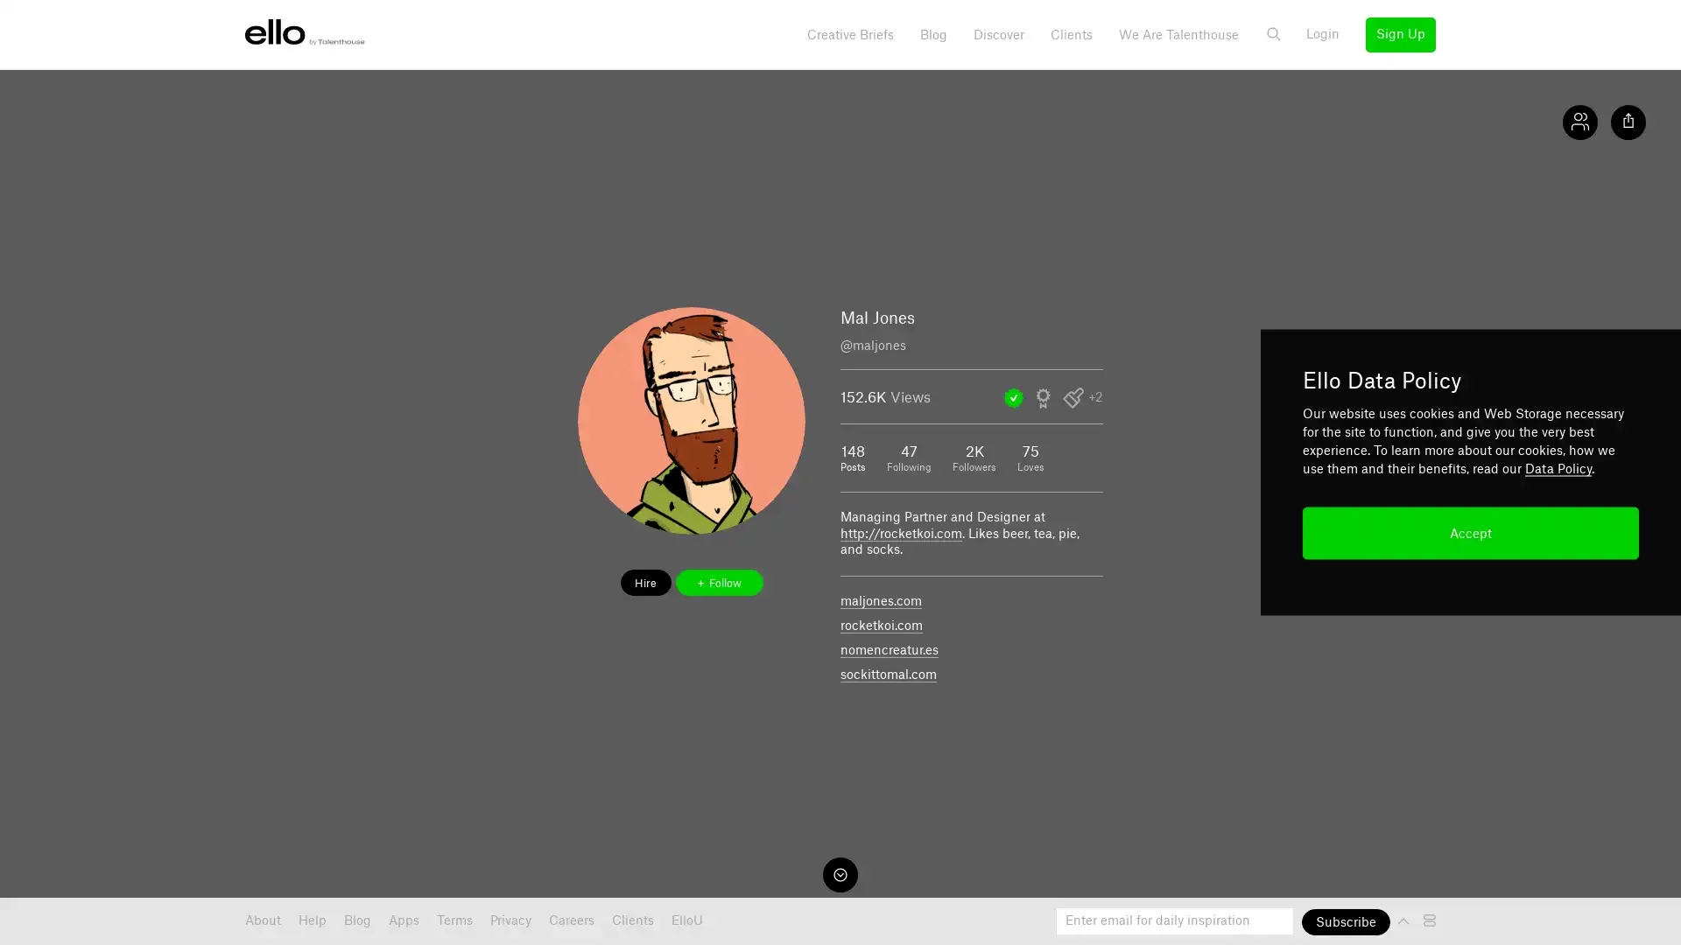 The height and width of the screenshot is (945, 1681). What do you see at coordinates (1471, 532) in the screenshot?
I see `Accept` at bounding box center [1471, 532].